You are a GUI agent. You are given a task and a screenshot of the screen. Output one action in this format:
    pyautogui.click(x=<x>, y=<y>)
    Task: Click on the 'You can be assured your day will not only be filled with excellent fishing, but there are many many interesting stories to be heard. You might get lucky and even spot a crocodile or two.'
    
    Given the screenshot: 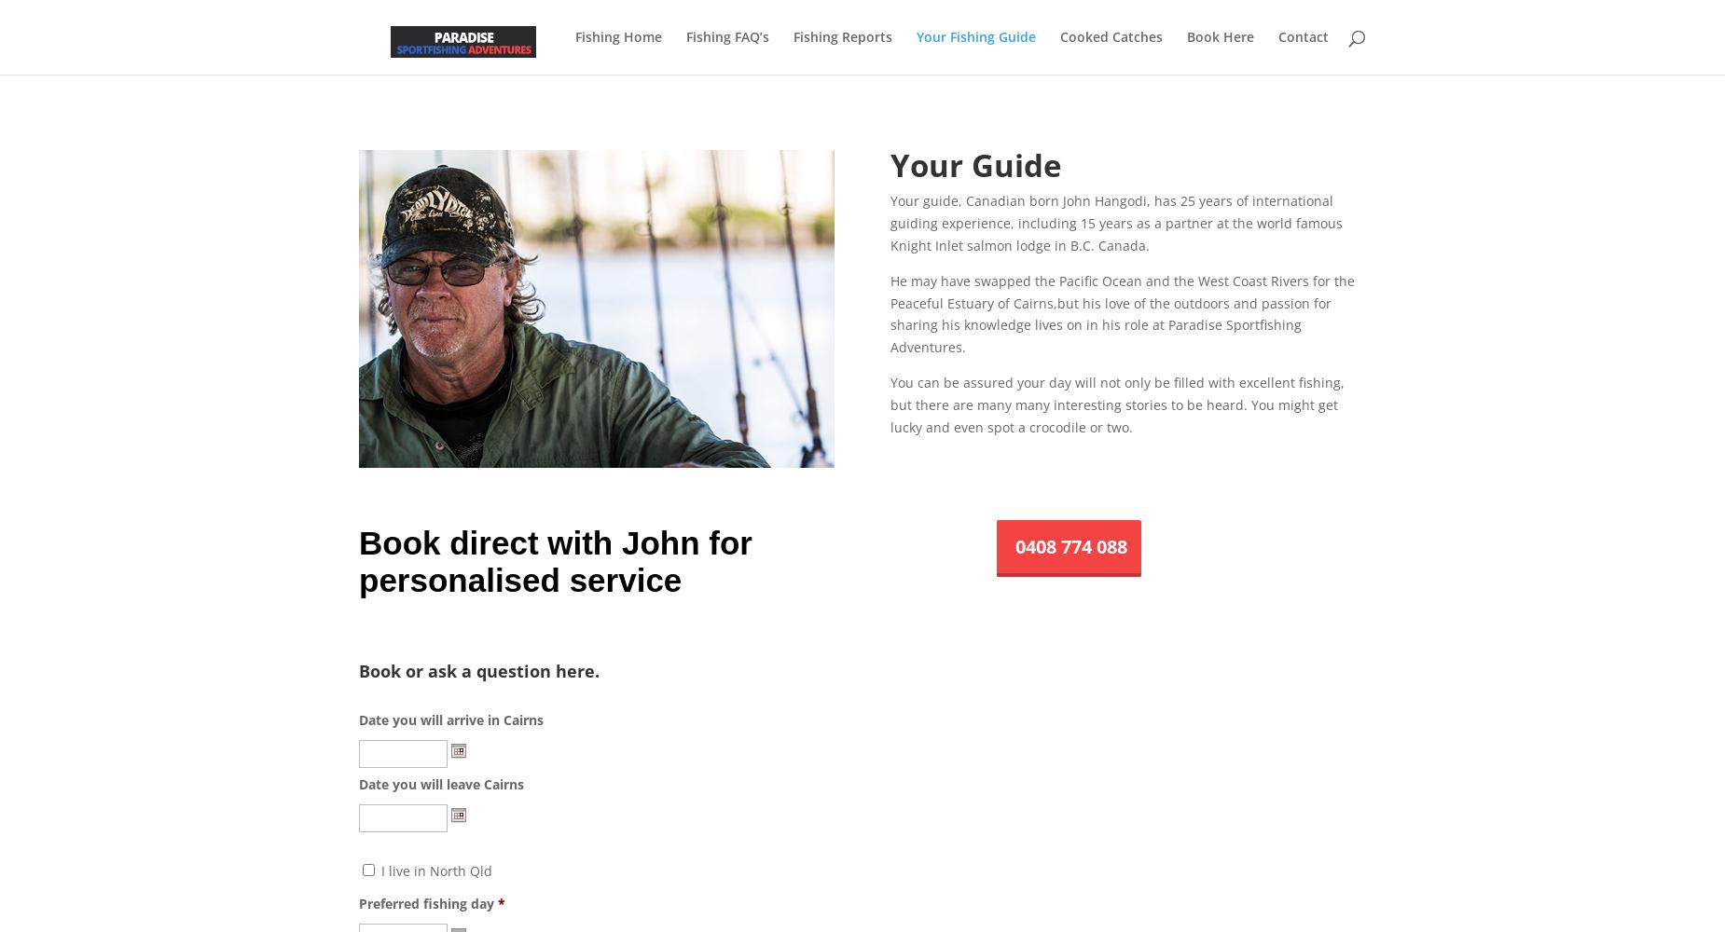 What is the action you would take?
    pyautogui.click(x=1115, y=404)
    